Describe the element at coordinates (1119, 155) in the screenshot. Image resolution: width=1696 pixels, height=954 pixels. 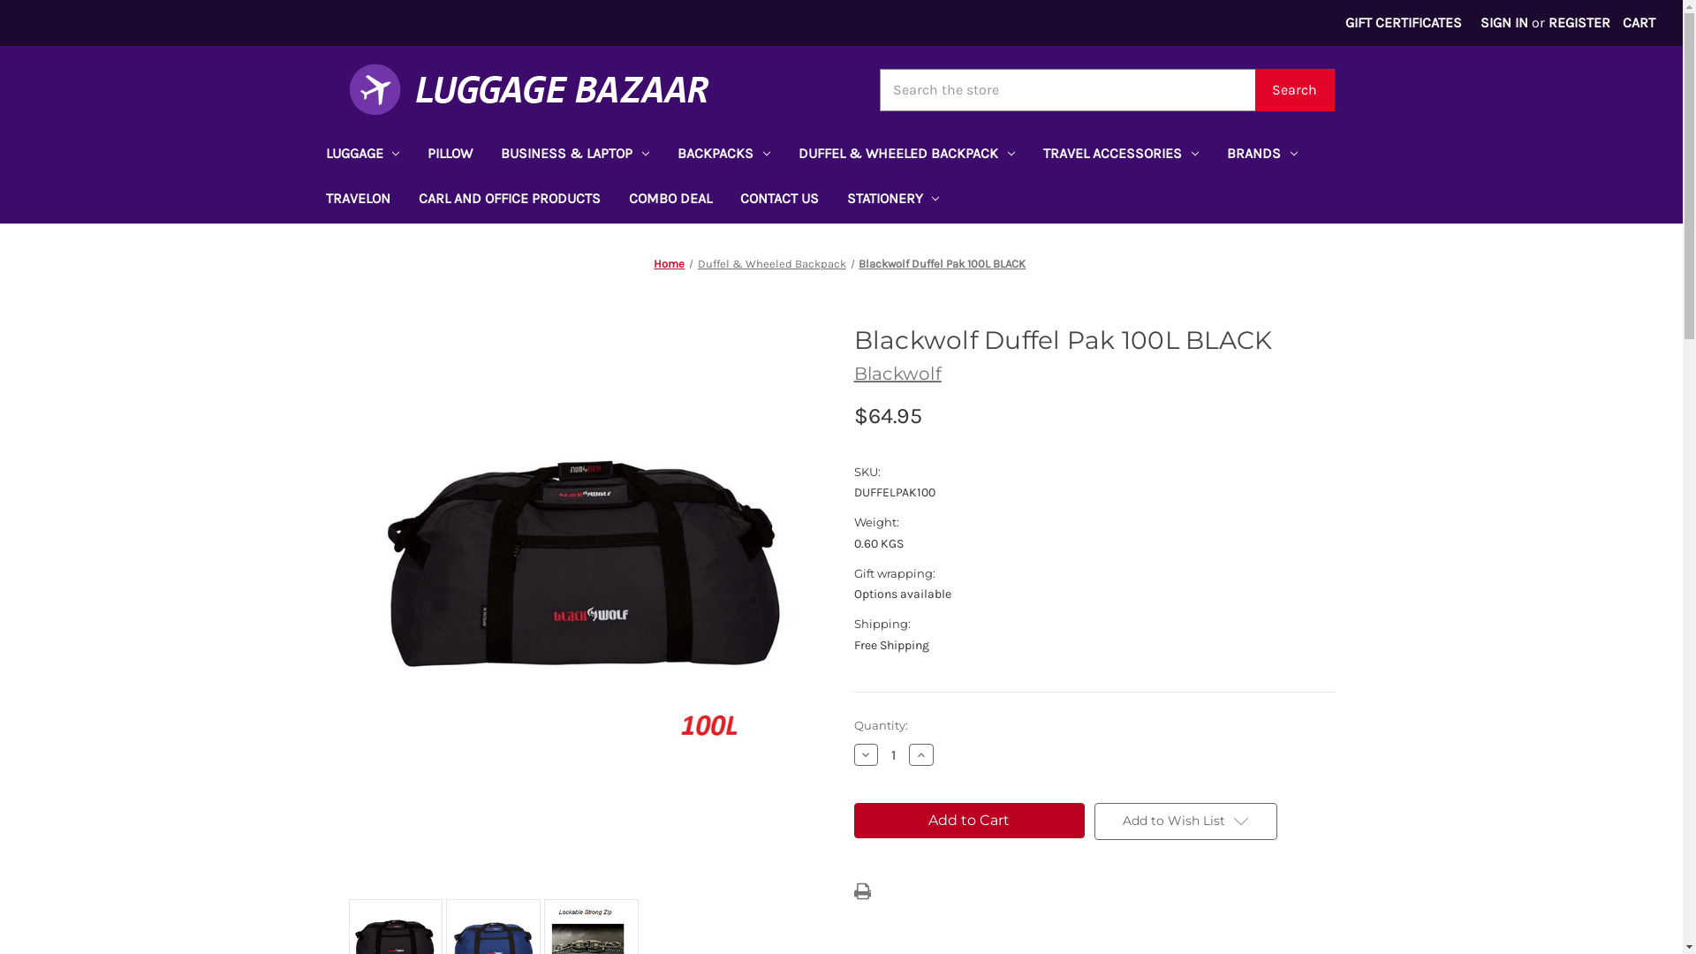
I see `'TRAVEL ACCESSORIES'` at that location.